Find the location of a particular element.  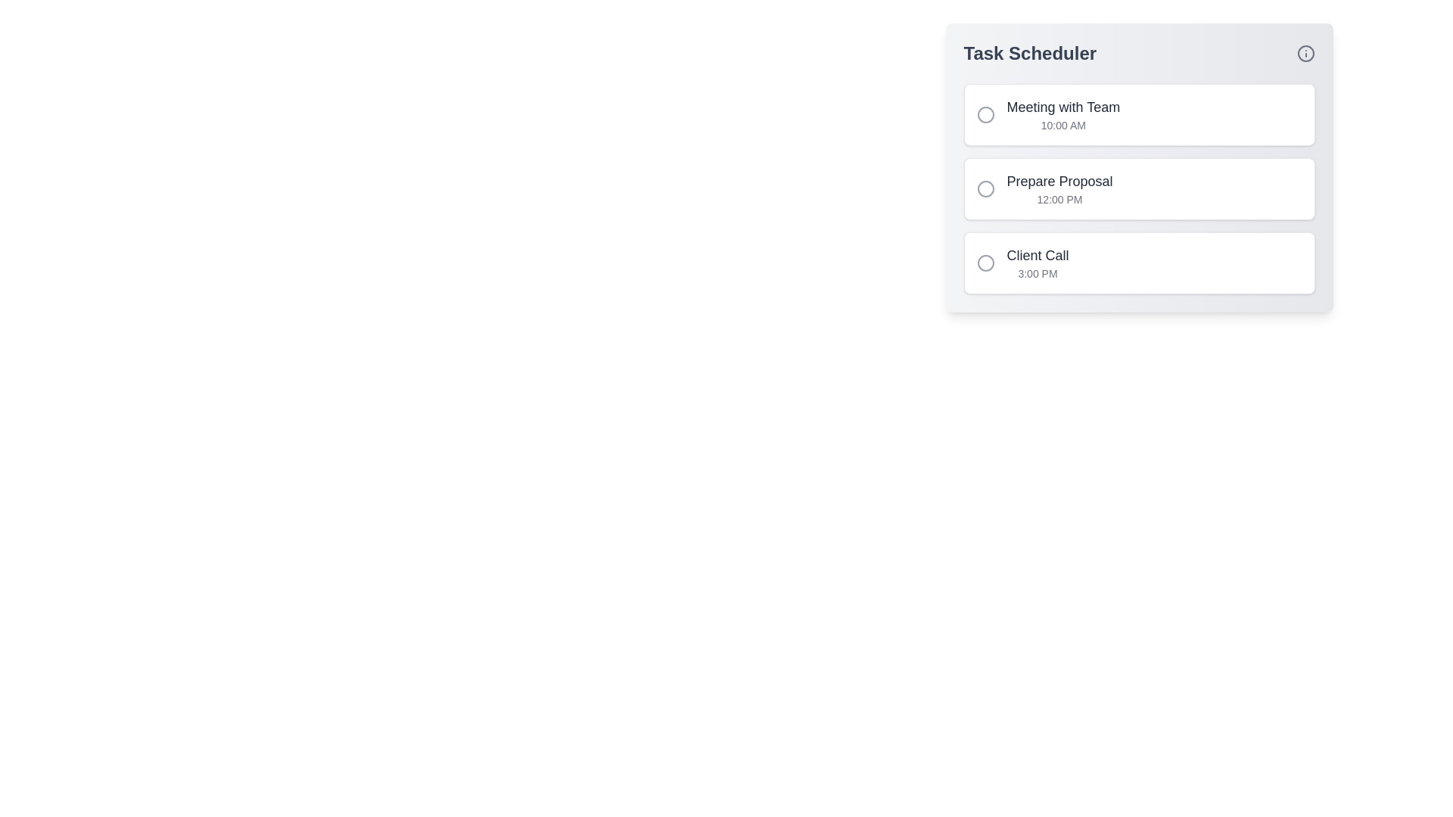

the task titled 'Meeting with Team' to trigger visual feedback is located at coordinates (1139, 113).